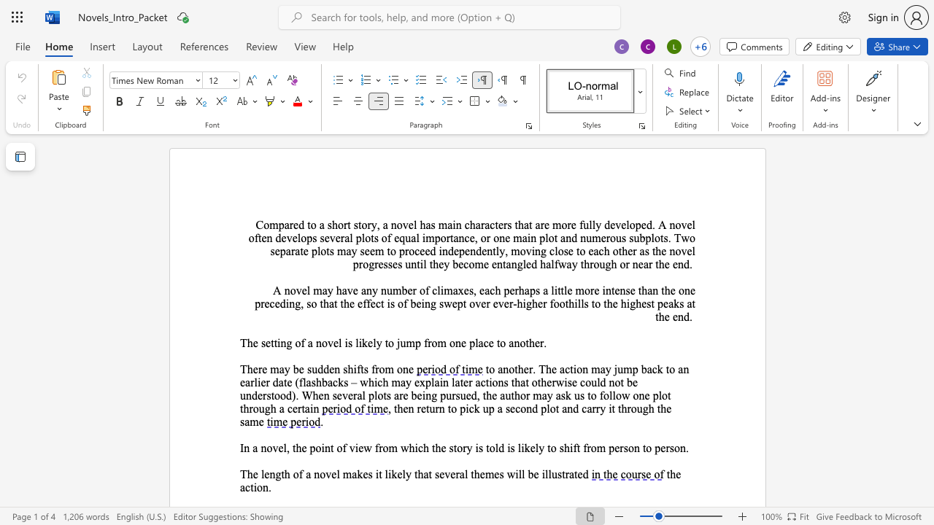 Image resolution: width=934 pixels, height=525 pixels. What do you see at coordinates (427, 343) in the screenshot?
I see `the space between the continuous character "f" and "r" in the text` at bounding box center [427, 343].